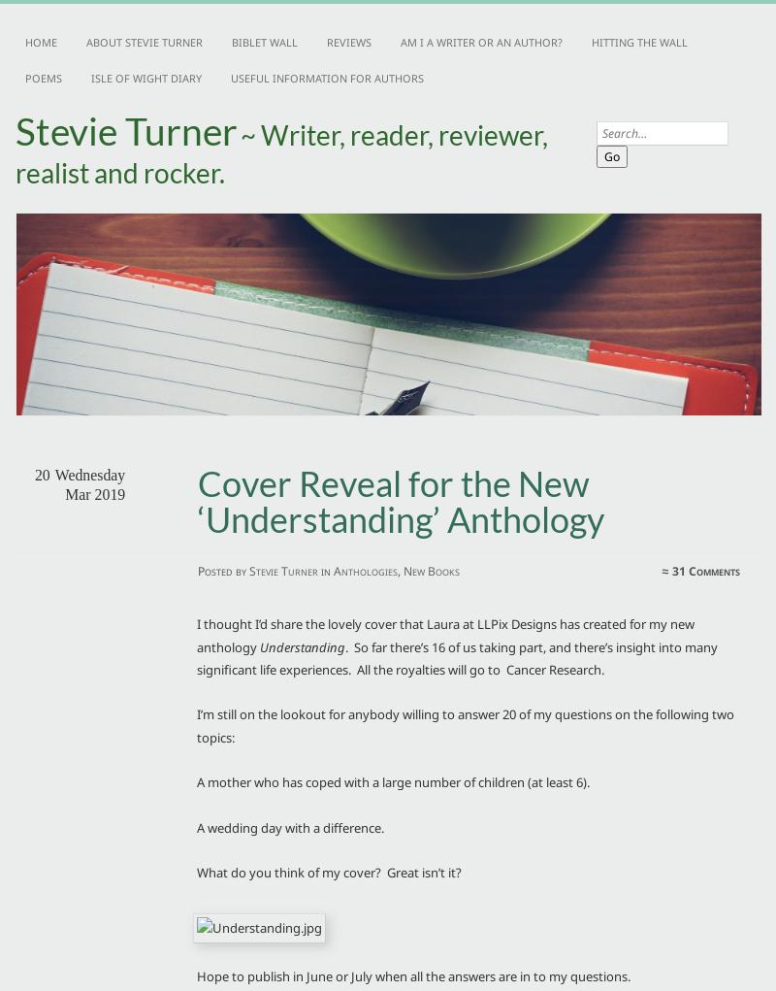 The image size is (776, 991). Describe the element at coordinates (302, 644) in the screenshot. I see `'Understanding'` at that location.